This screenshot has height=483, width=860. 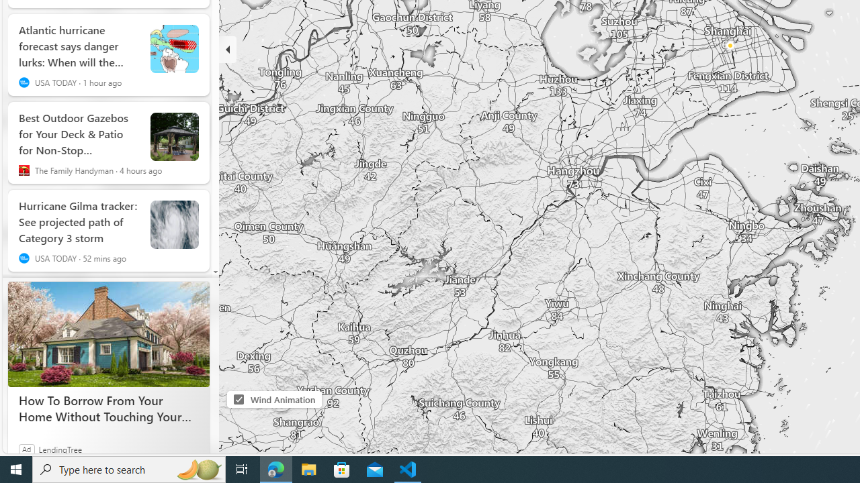 What do you see at coordinates (239, 398) in the screenshot?
I see `'Wind Animation'` at bounding box center [239, 398].